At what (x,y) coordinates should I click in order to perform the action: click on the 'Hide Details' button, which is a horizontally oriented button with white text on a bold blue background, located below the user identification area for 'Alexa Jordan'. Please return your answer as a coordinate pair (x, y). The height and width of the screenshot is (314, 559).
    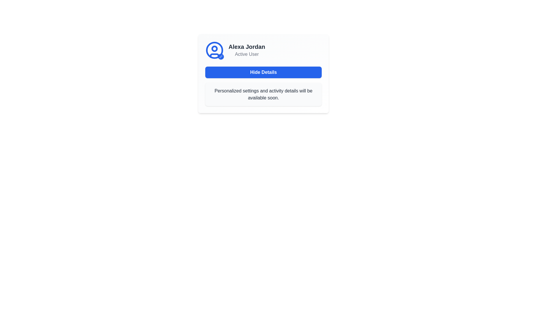
    Looking at the image, I should click on (263, 72).